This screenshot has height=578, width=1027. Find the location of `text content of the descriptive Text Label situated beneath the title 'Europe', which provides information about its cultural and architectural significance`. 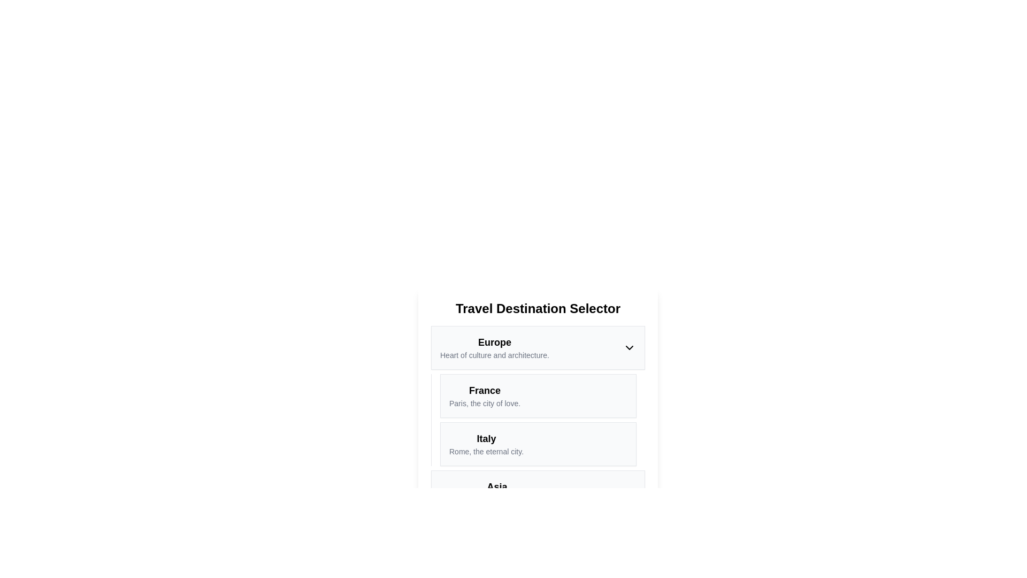

text content of the descriptive Text Label situated beneath the title 'Europe', which provides information about its cultural and architectural significance is located at coordinates (494, 355).